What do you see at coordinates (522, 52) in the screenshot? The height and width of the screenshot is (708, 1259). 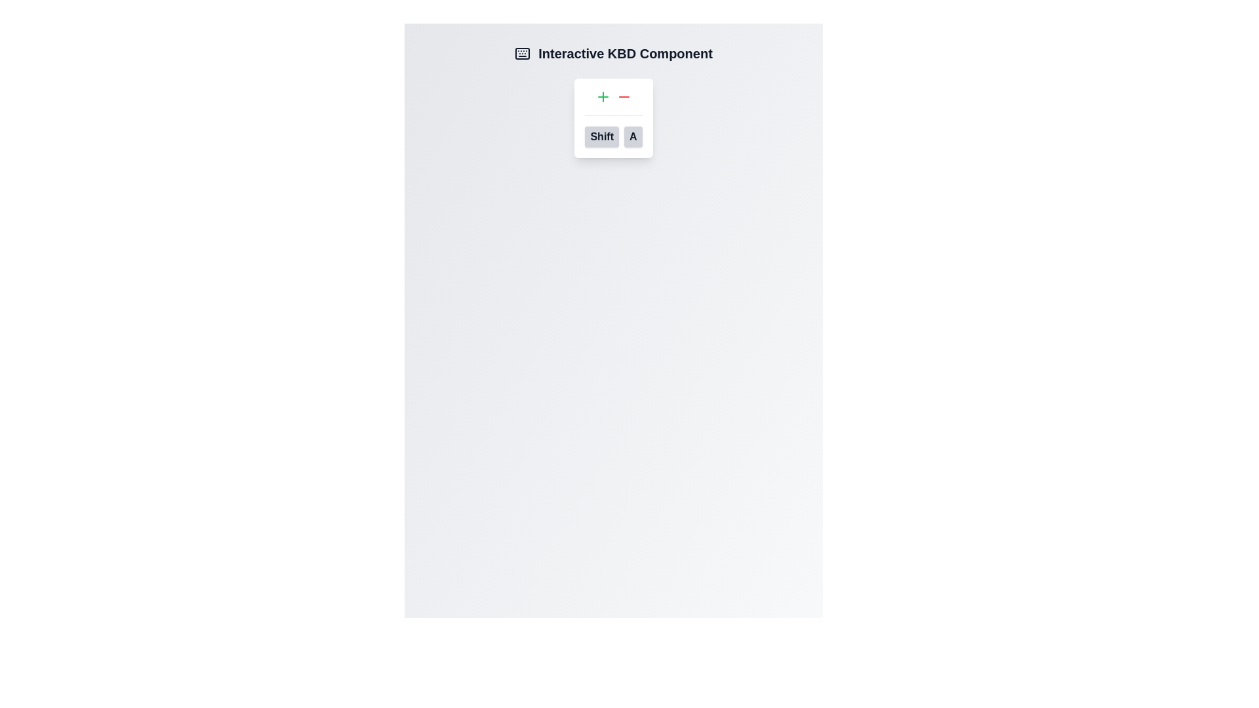 I see `the small black keyboard icon located to the left of the 'Interactive KBD Component' text` at bounding box center [522, 52].